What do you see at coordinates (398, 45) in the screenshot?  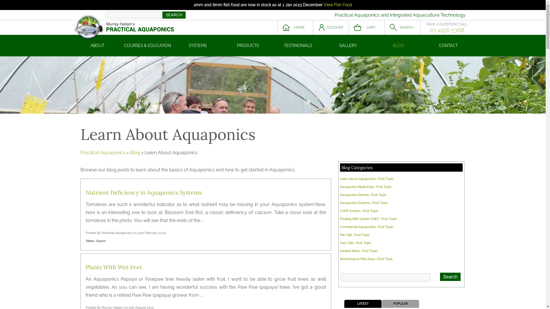 I see `'BLOG'` at bounding box center [398, 45].